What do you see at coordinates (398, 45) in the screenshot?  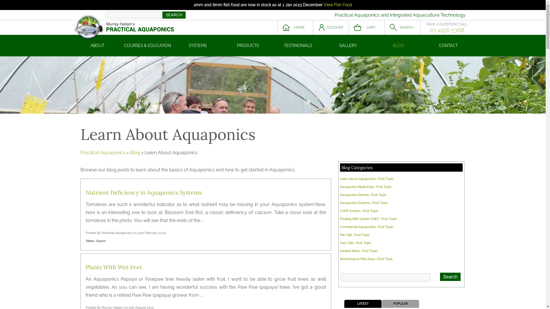 I see `'BLOG'` at bounding box center [398, 45].